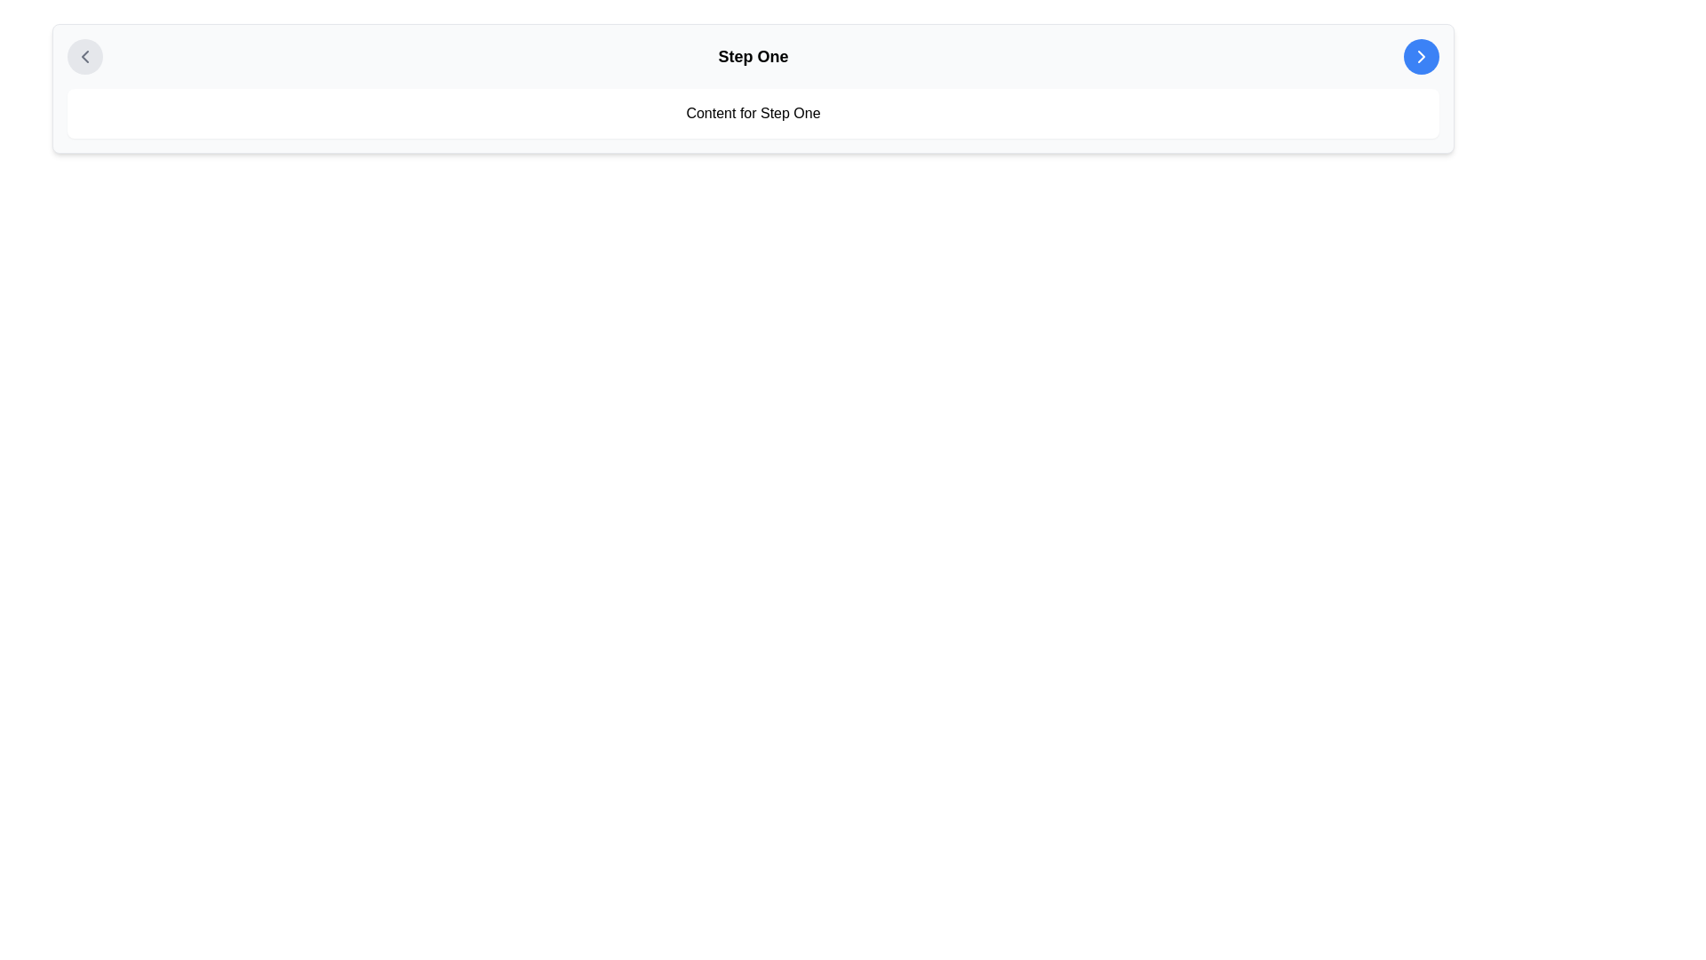 The width and height of the screenshot is (1706, 960). I want to click on the blue circular button in the top-right corner of the 'Step One' section, so click(1420, 56).